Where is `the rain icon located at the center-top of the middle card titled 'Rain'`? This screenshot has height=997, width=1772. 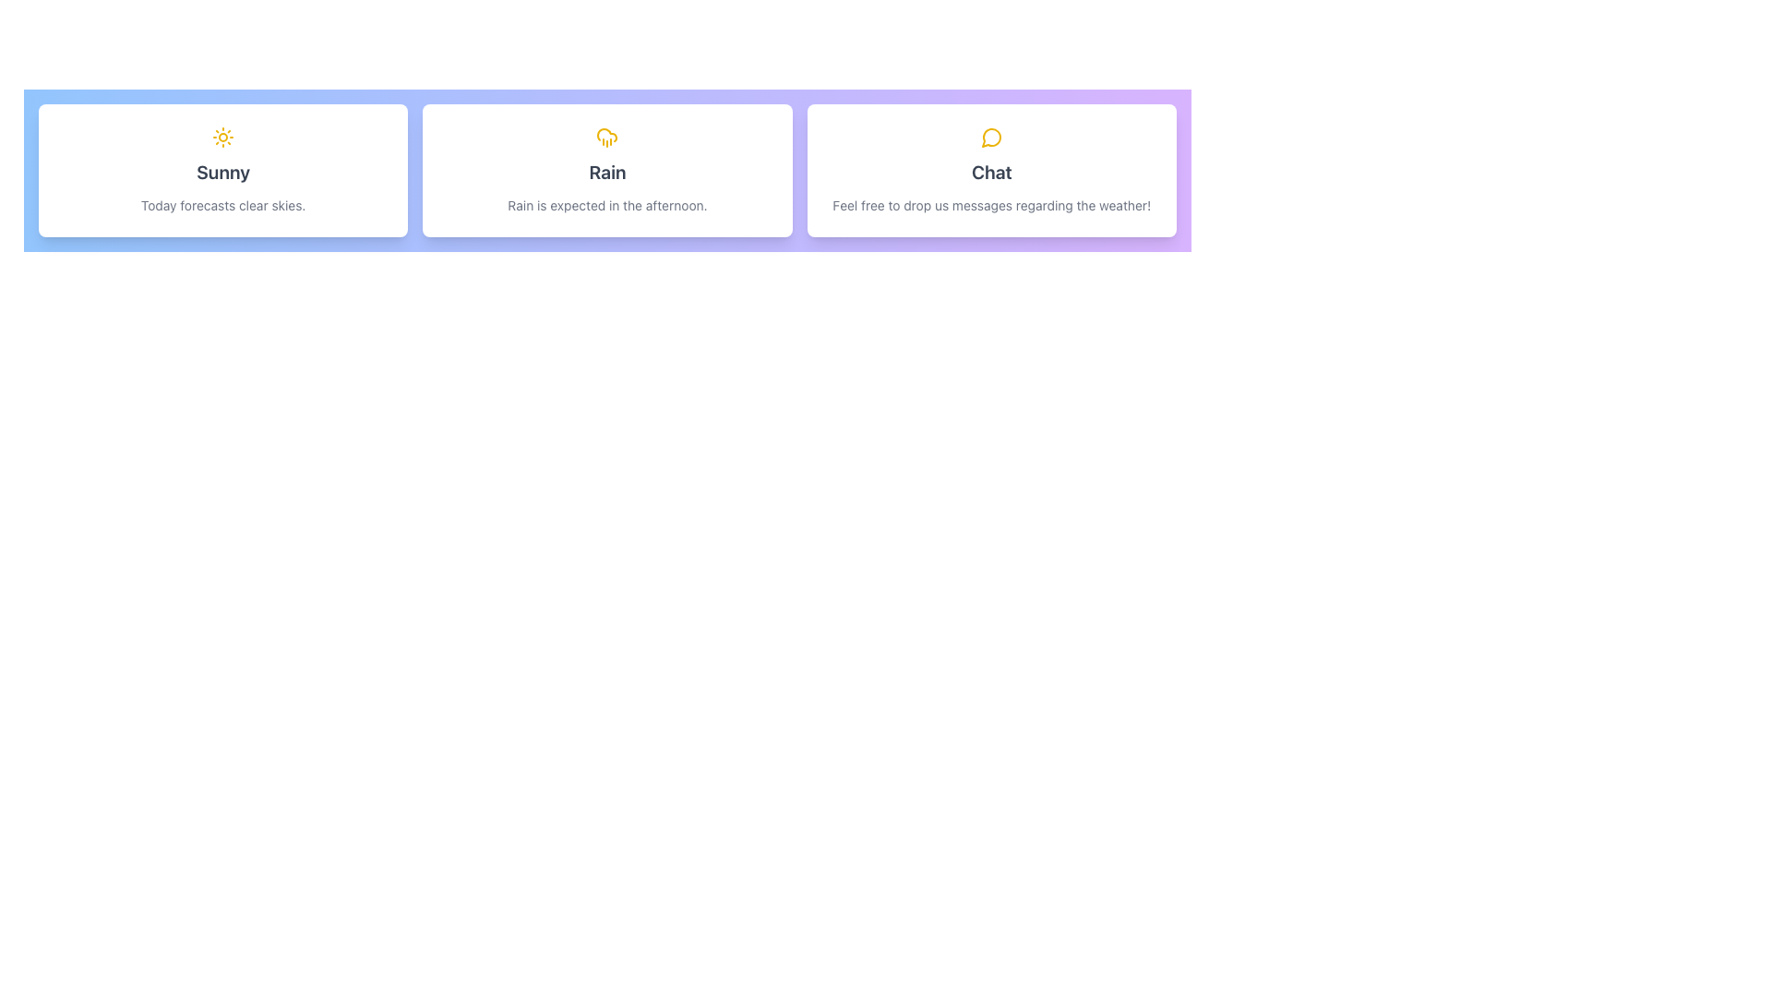
the rain icon located at the center-top of the middle card titled 'Rain' is located at coordinates (607, 137).